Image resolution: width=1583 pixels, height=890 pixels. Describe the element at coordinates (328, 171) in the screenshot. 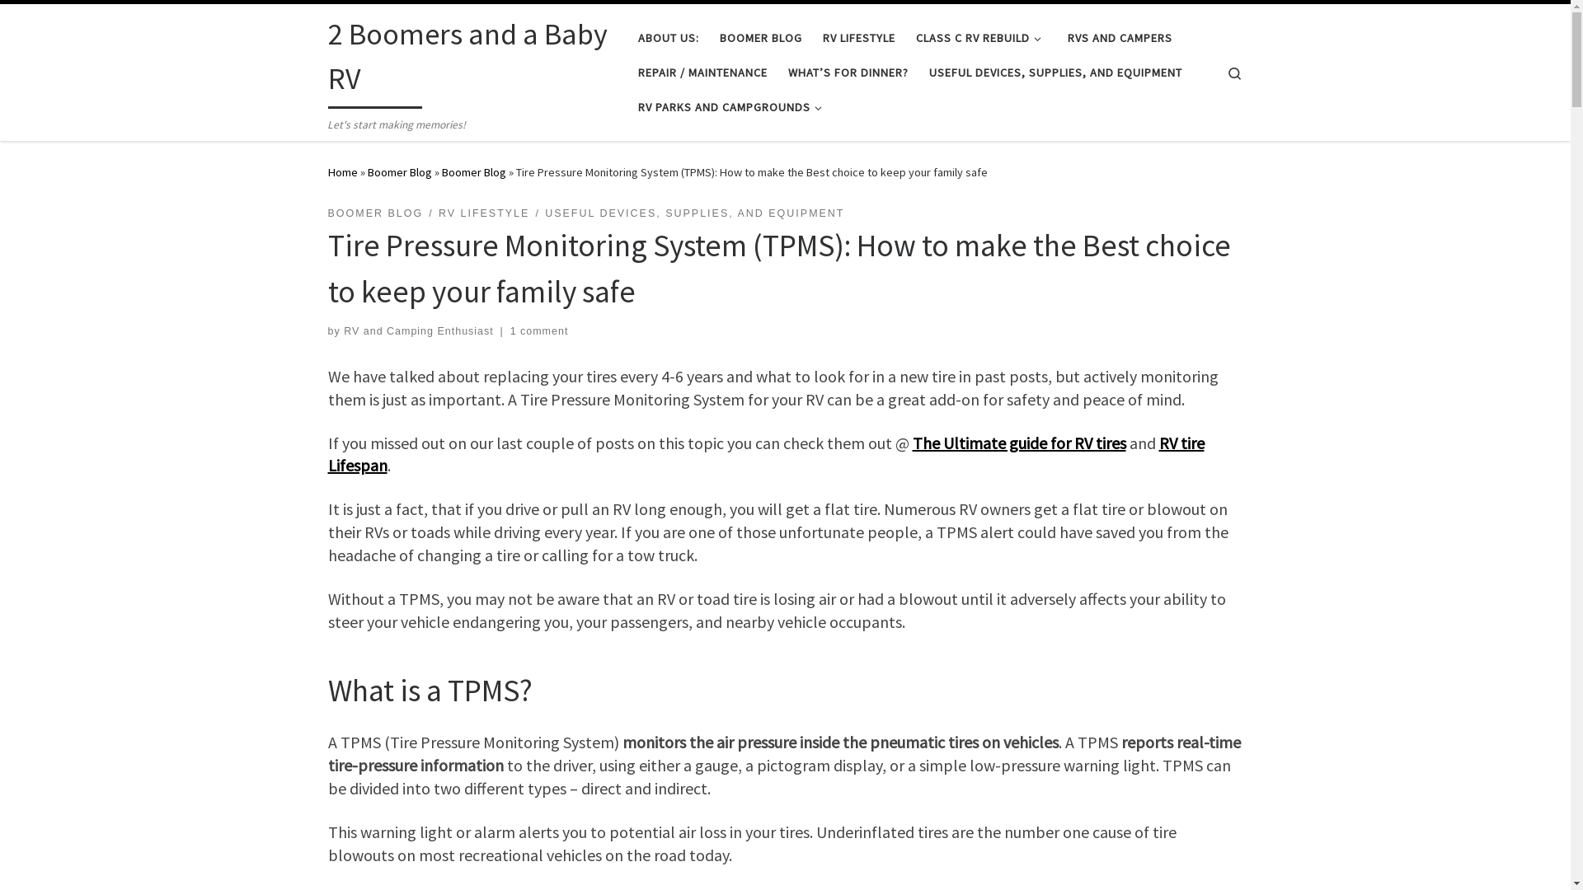

I see `'Home'` at that location.